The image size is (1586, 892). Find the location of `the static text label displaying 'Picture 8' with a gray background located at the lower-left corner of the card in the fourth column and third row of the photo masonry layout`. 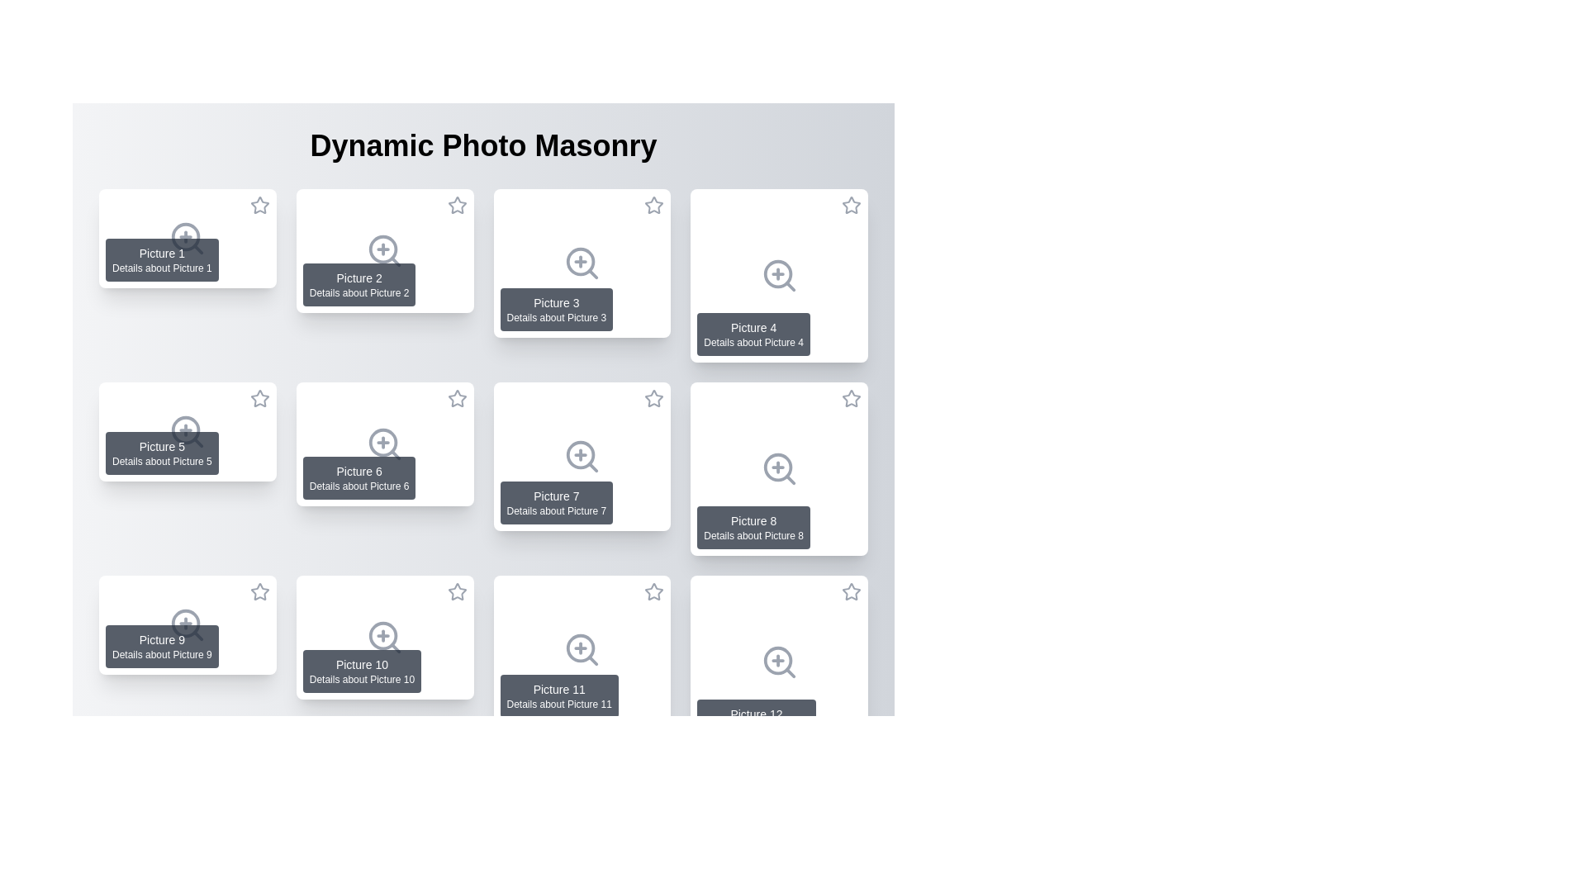

the static text label displaying 'Picture 8' with a gray background located at the lower-left corner of the card in the fourth column and third row of the photo masonry layout is located at coordinates (753, 528).